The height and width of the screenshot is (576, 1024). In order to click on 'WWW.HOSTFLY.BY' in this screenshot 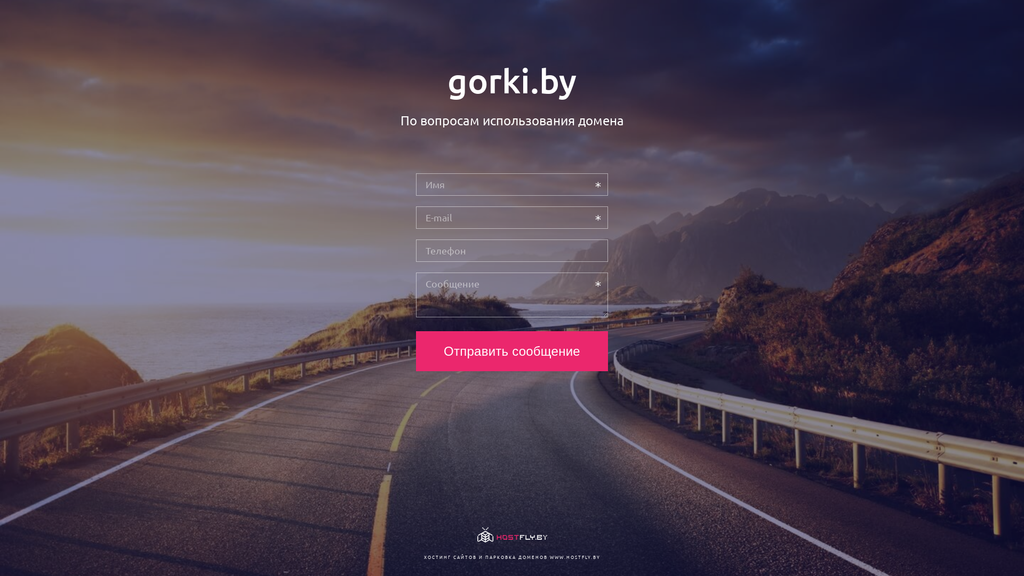, I will do `click(574, 556)`.